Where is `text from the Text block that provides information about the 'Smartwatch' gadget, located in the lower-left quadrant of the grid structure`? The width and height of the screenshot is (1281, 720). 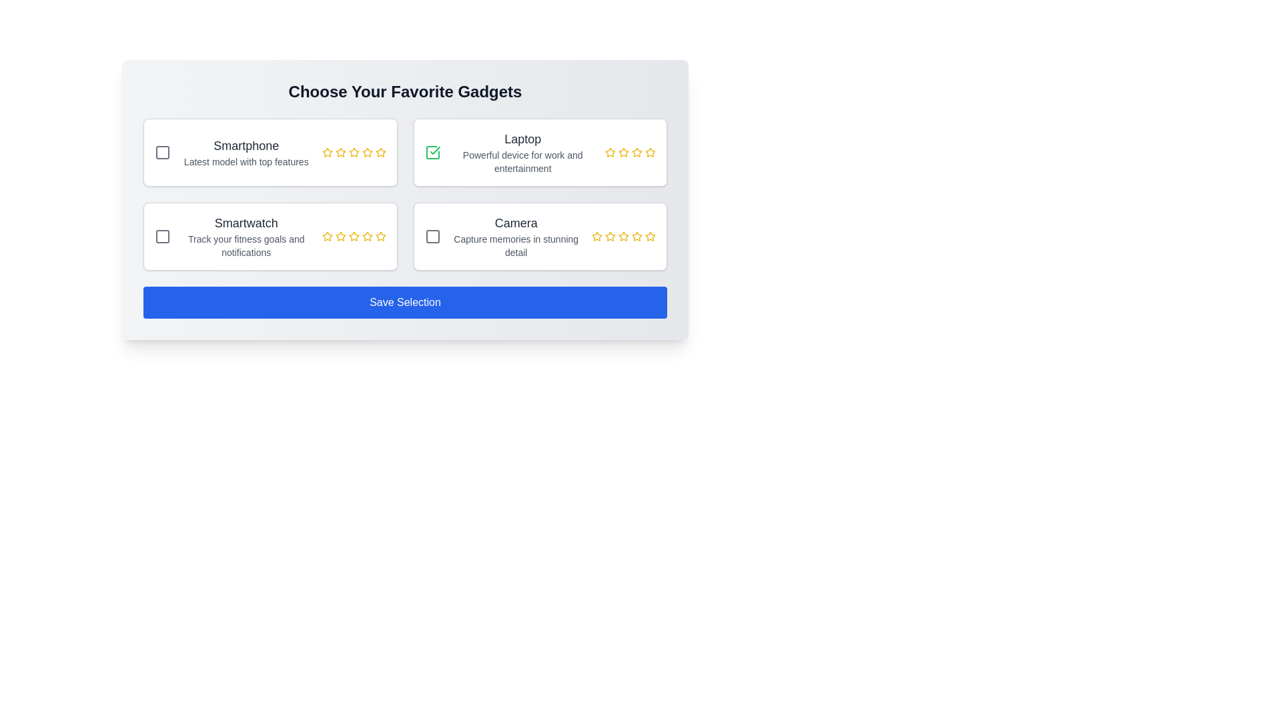
text from the Text block that provides information about the 'Smartwatch' gadget, located in the lower-left quadrant of the grid structure is located at coordinates (246, 235).